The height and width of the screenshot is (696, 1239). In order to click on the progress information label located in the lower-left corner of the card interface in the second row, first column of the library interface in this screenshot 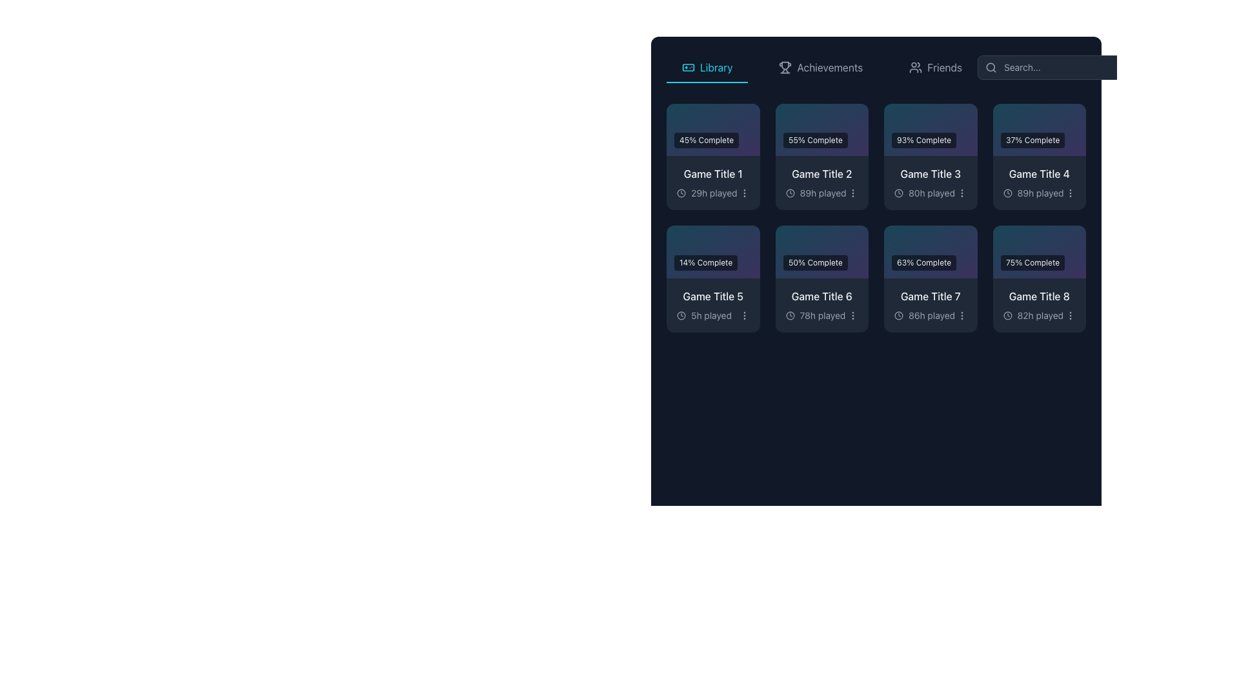, I will do `click(705, 262)`.